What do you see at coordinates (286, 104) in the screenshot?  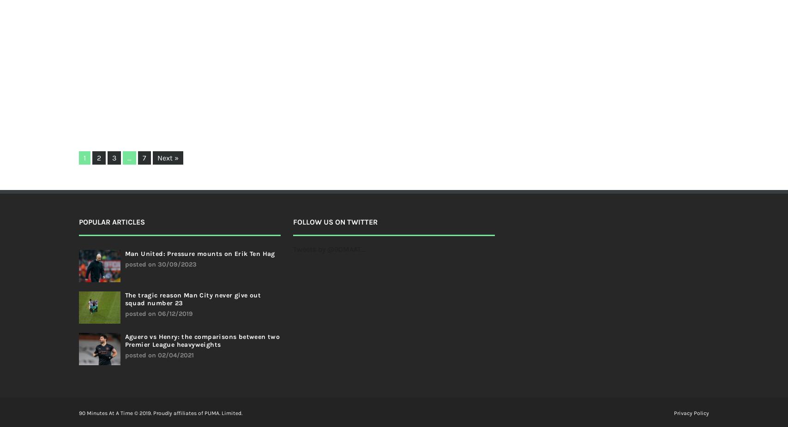 I see `'CONTINUE READING'` at bounding box center [286, 104].